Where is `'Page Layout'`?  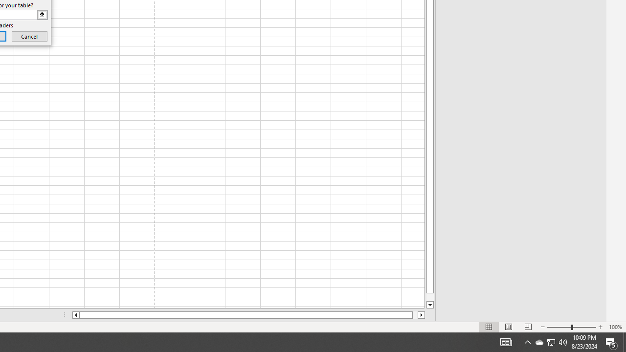
'Page Layout' is located at coordinates (509, 327).